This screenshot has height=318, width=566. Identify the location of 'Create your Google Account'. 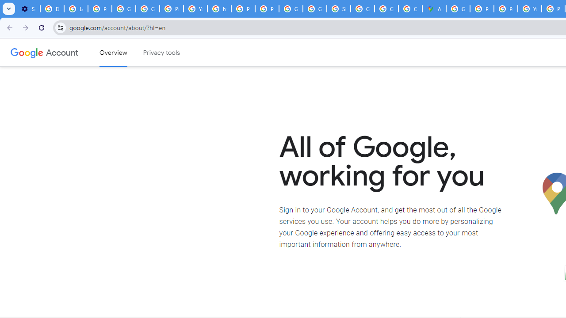
(410, 9).